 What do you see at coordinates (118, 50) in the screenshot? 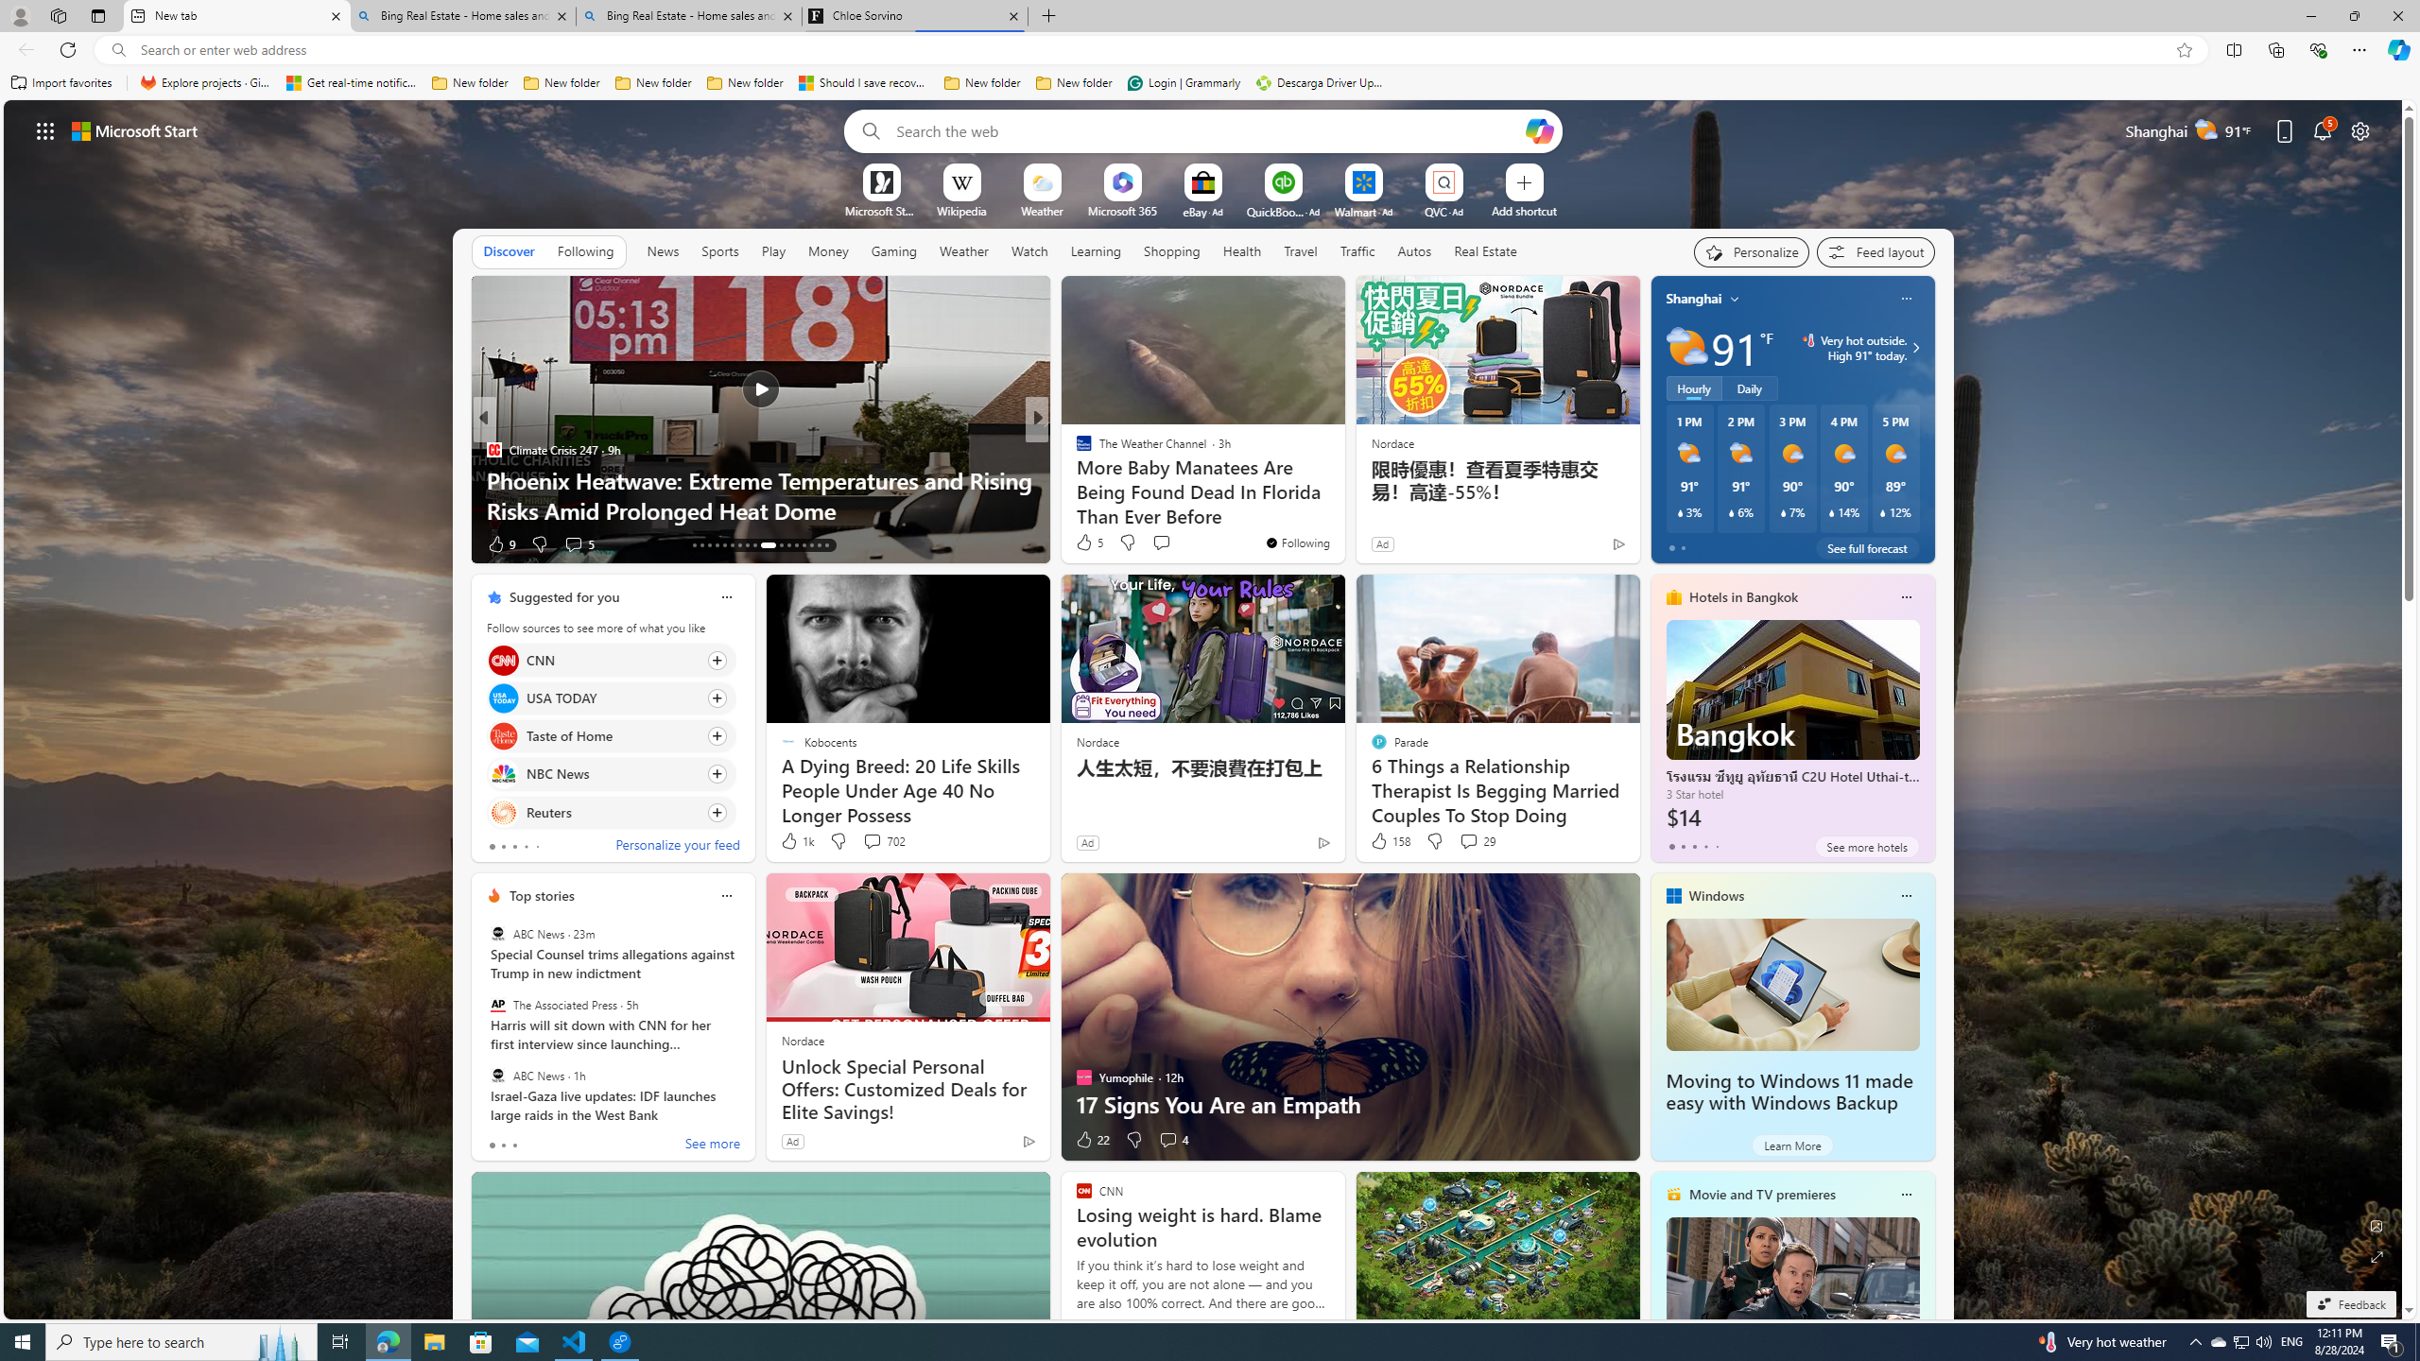
I see `'Search icon'` at bounding box center [118, 50].